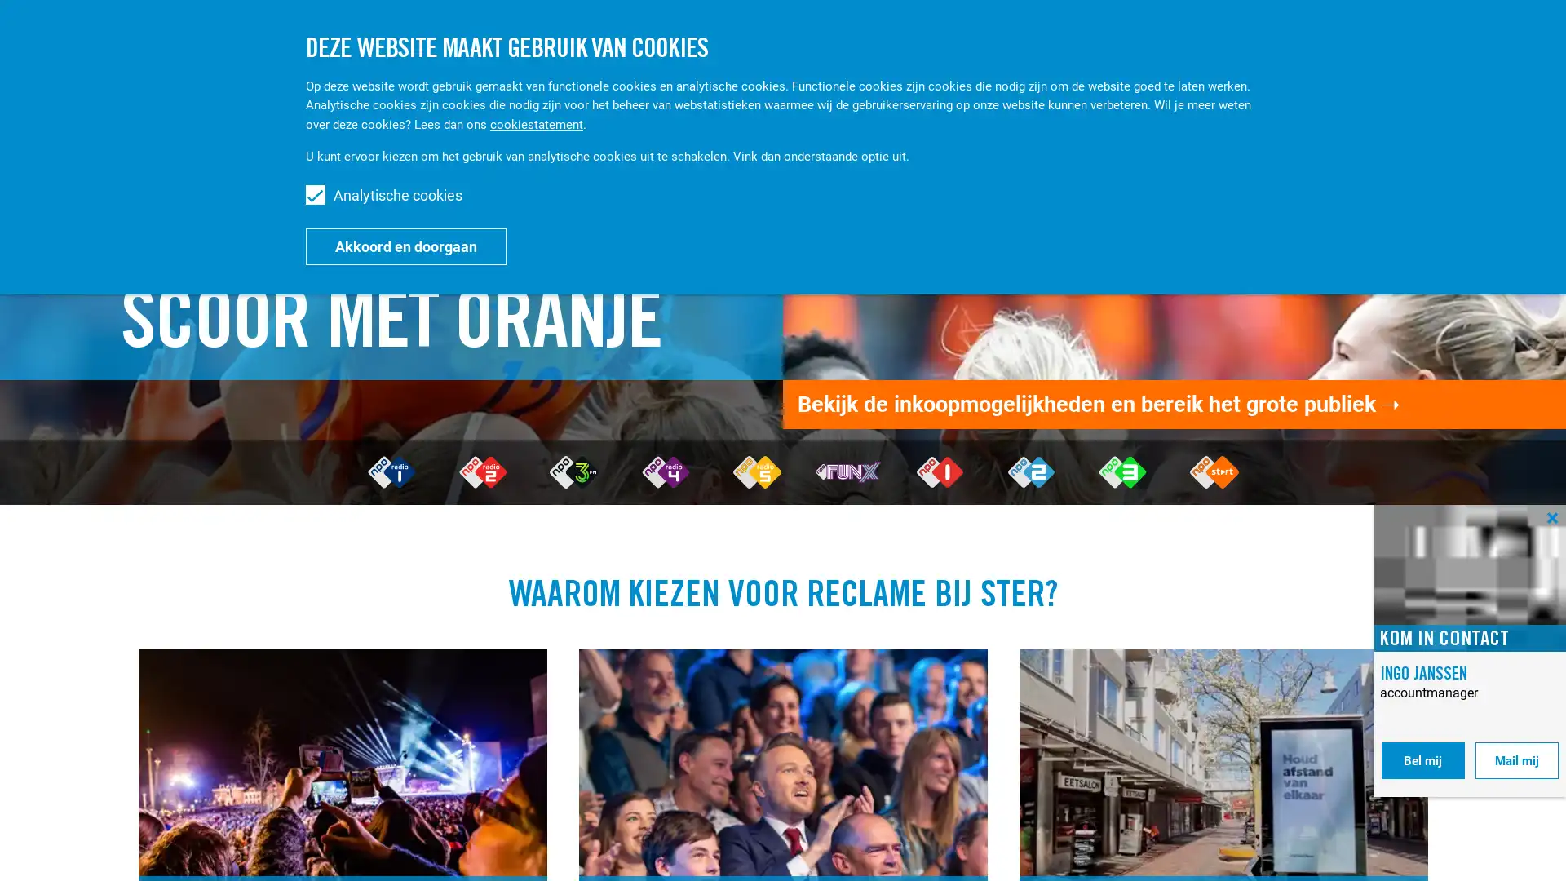 Image resolution: width=1566 pixels, height=881 pixels. Describe the element at coordinates (1422, 760) in the screenshot. I see `Bel mij` at that location.